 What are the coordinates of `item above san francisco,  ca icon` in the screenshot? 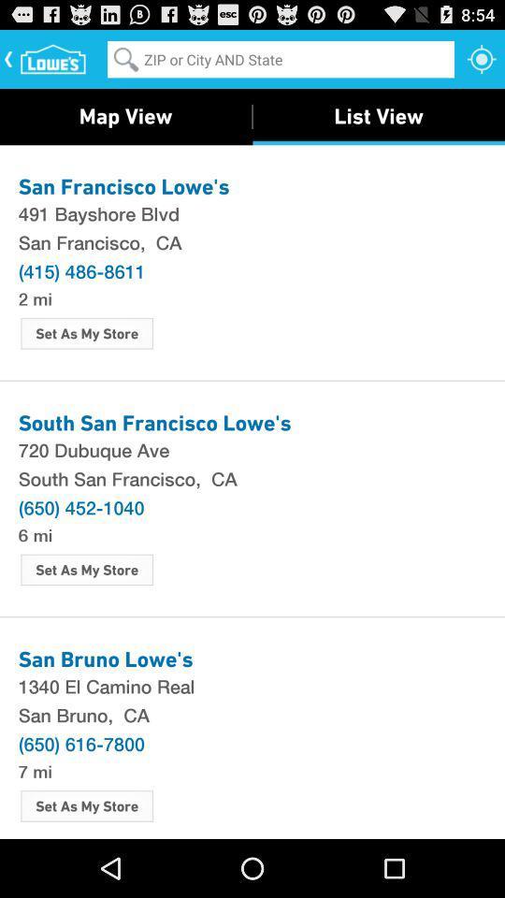 It's located at (252, 213).